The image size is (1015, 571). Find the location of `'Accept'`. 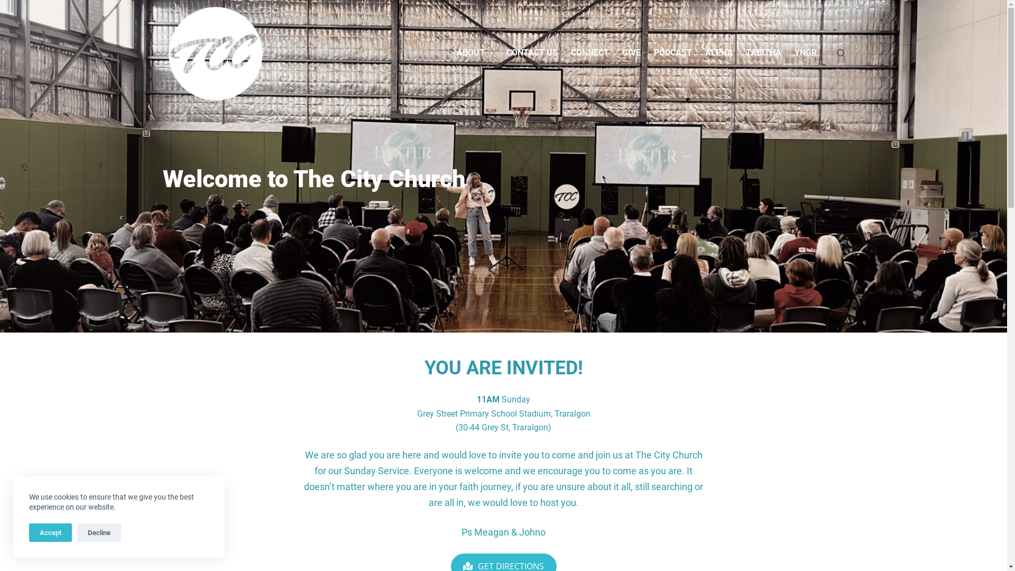

'Accept' is located at coordinates (50, 532).